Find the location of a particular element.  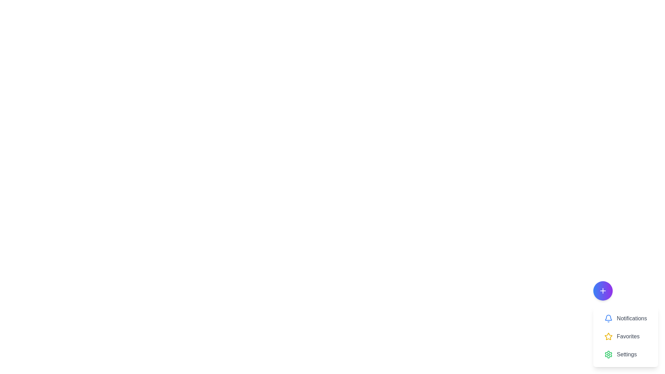

the yellow star icon located as the second element in the bottom-right context menu is located at coordinates (608, 336).